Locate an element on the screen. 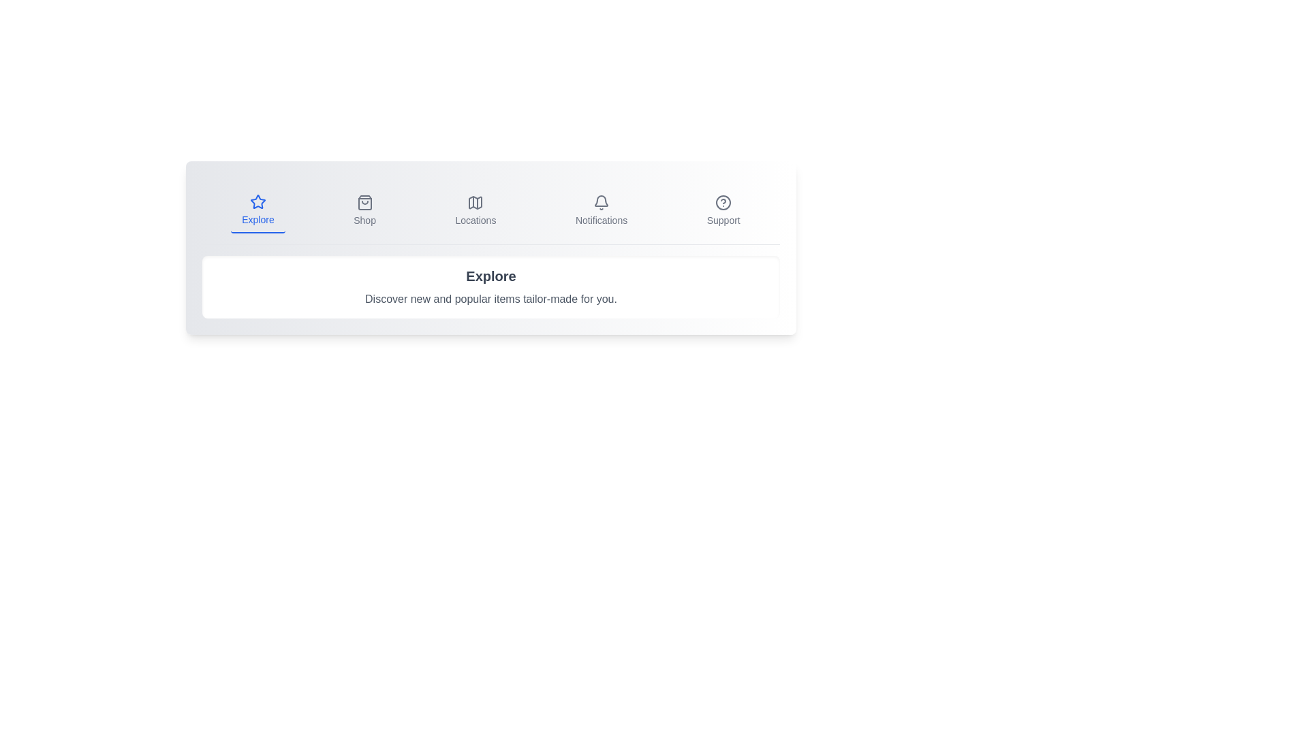  the 'Shop' navigation icon, which is represented by a shopping bag vector graphic in the toolbar is located at coordinates (364, 202).